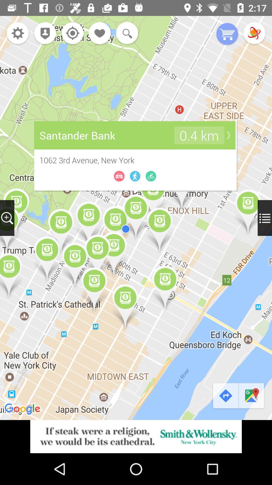 This screenshot has height=485, width=272. What do you see at coordinates (43, 33) in the screenshot?
I see `the location icon` at bounding box center [43, 33].